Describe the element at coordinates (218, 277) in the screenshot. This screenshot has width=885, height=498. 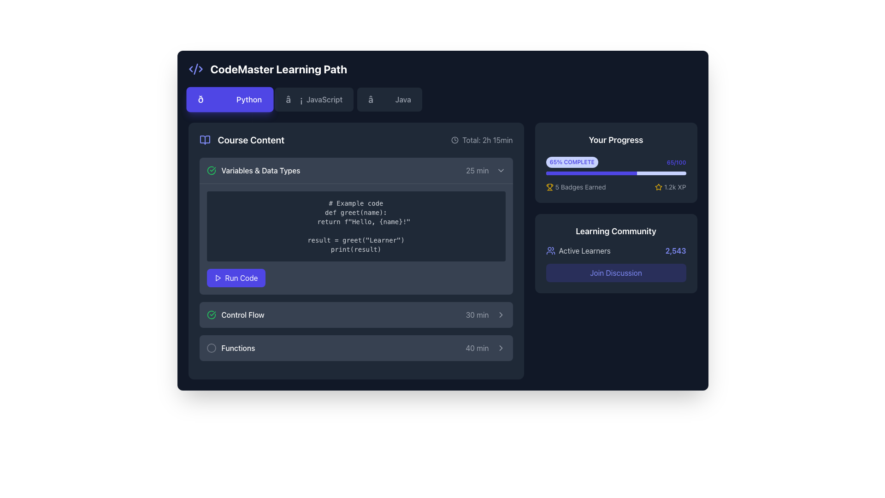
I see `keyboard navigation` at that location.